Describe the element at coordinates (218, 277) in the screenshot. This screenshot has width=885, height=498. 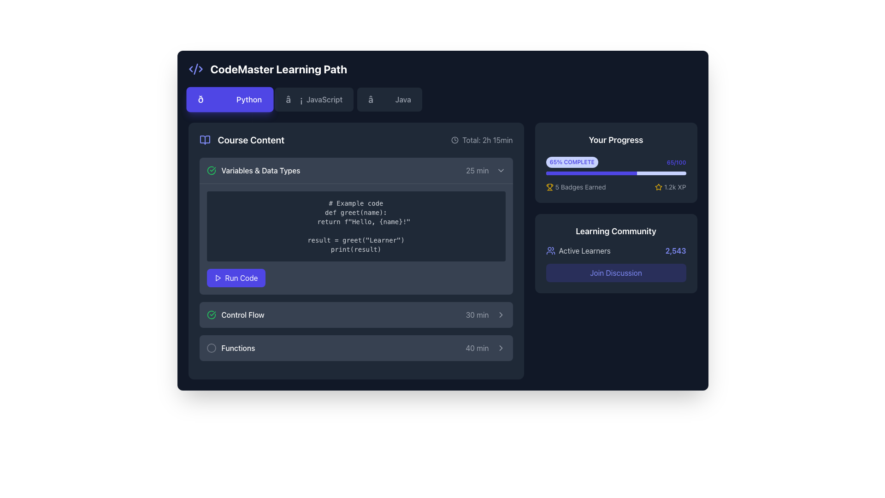
I see `keyboard navigation` at that location.